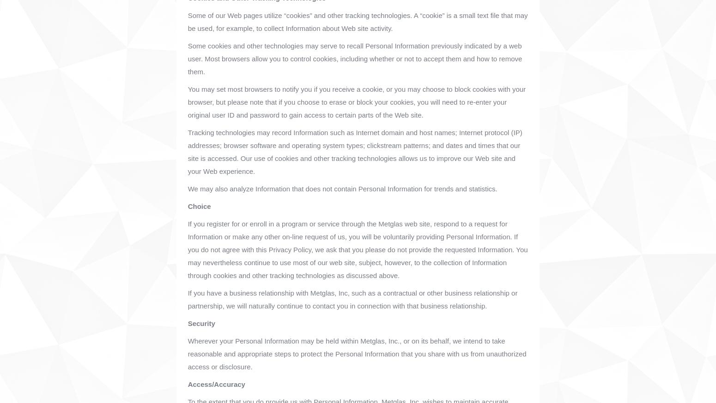 This screenshot has height=403, width=716. I want to click on 'If you register for or enroll in a program or service through the Metglas web site, respond to a request for Information or make any other on-line request of us, you will be voluntarily providing Personal Information. If you do not agree with this Privacy Policy, we ask that you please do not provide the requested Information. You may nevertheless continue to use most of our web site, subject, however, to the collection of Information through cookies and other tracking technologies as discussed above.', so click(358, 249).